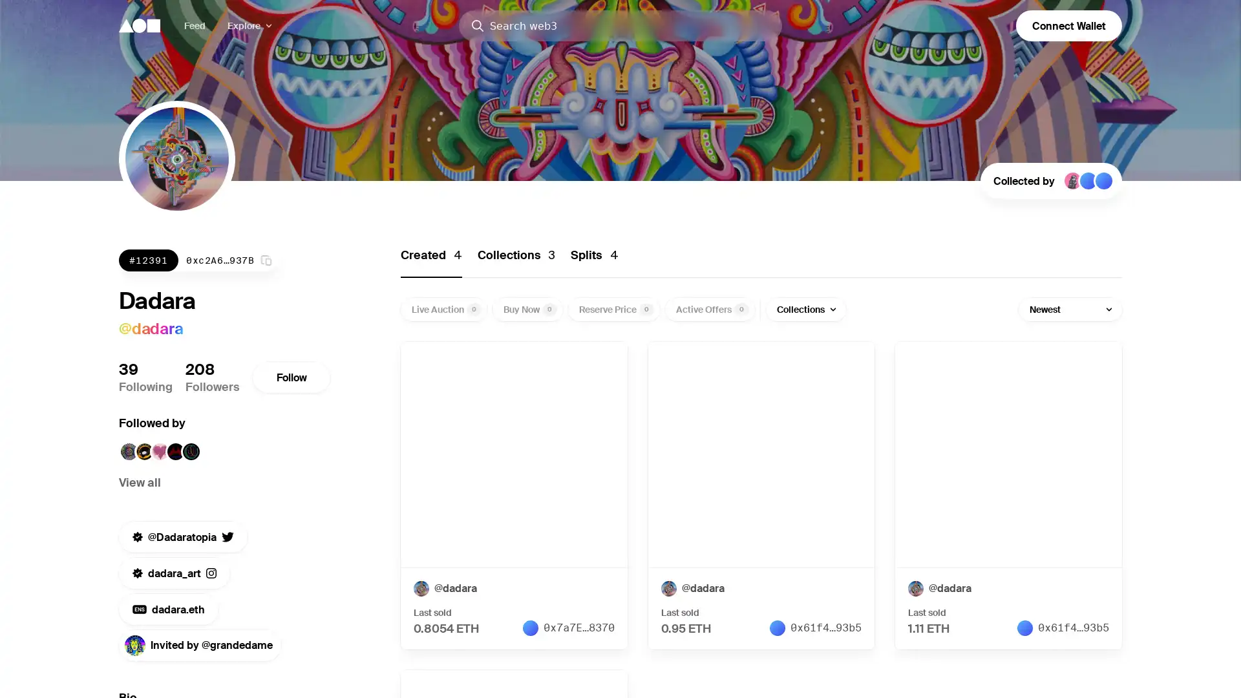 The image size is (1241, 698). What do you see at coordinates (249, 25) in the screenshot?
I see `Explore` at bounding box center [249, 25].